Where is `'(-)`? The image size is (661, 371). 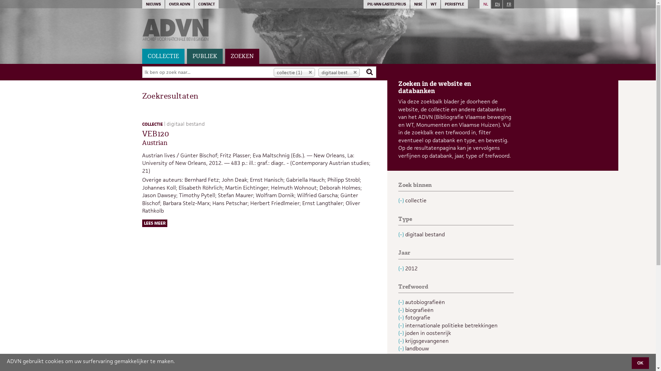 '(-) is located at coordinates (401, 333).